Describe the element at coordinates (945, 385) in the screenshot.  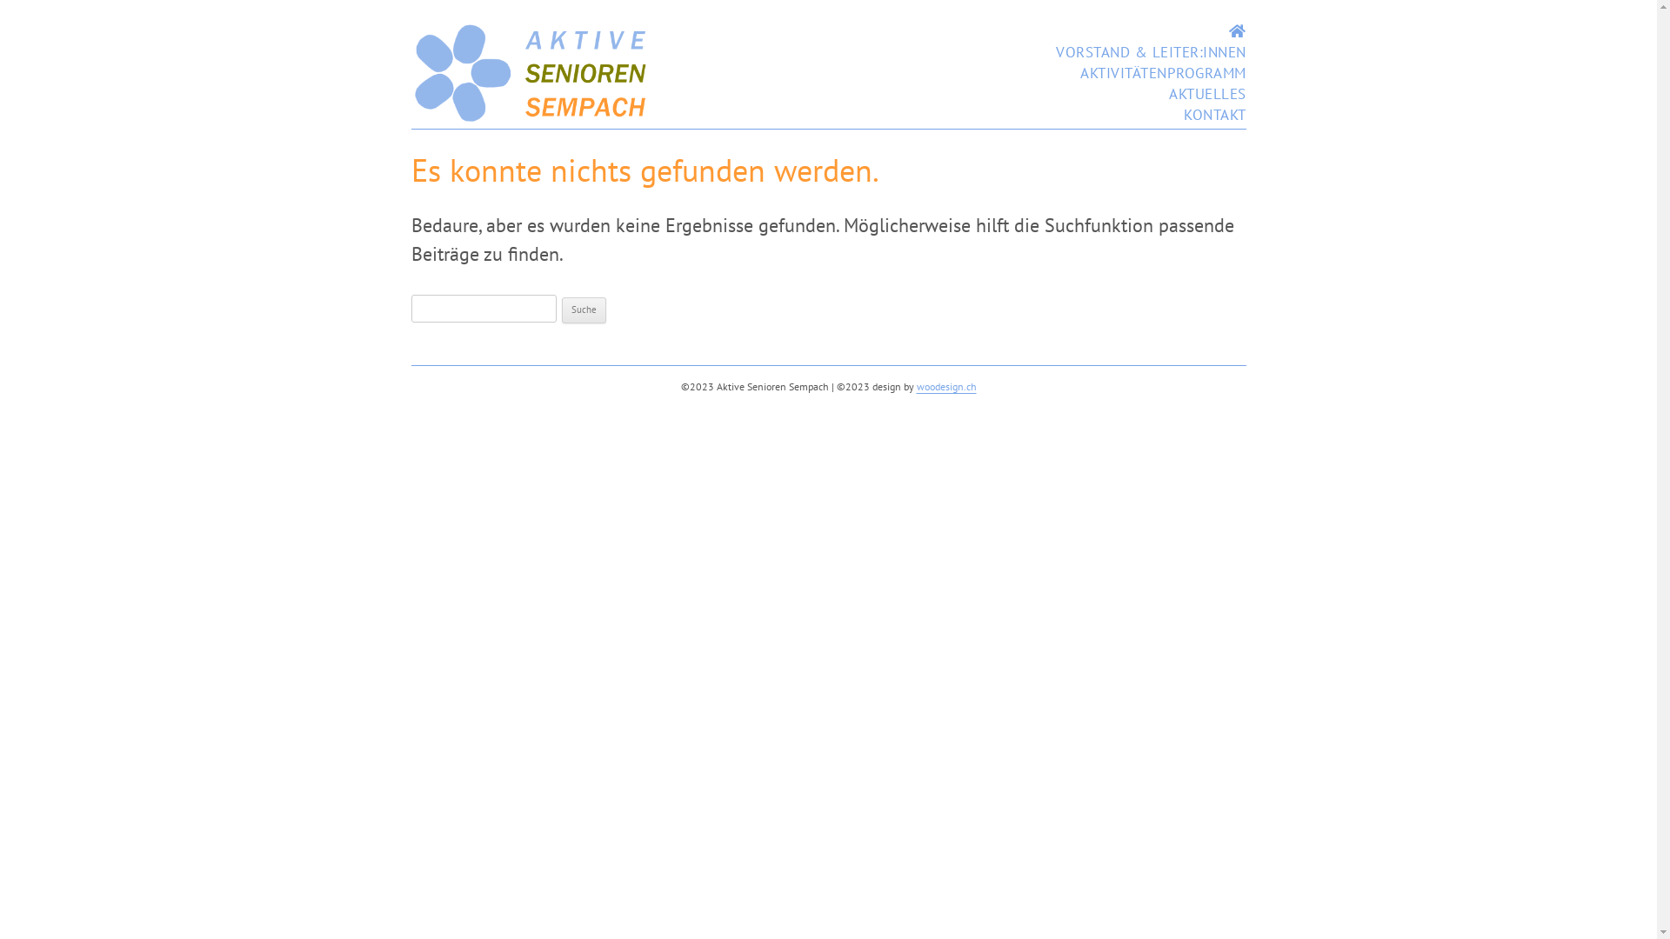
I see `'woodesign.ch'` at that location.